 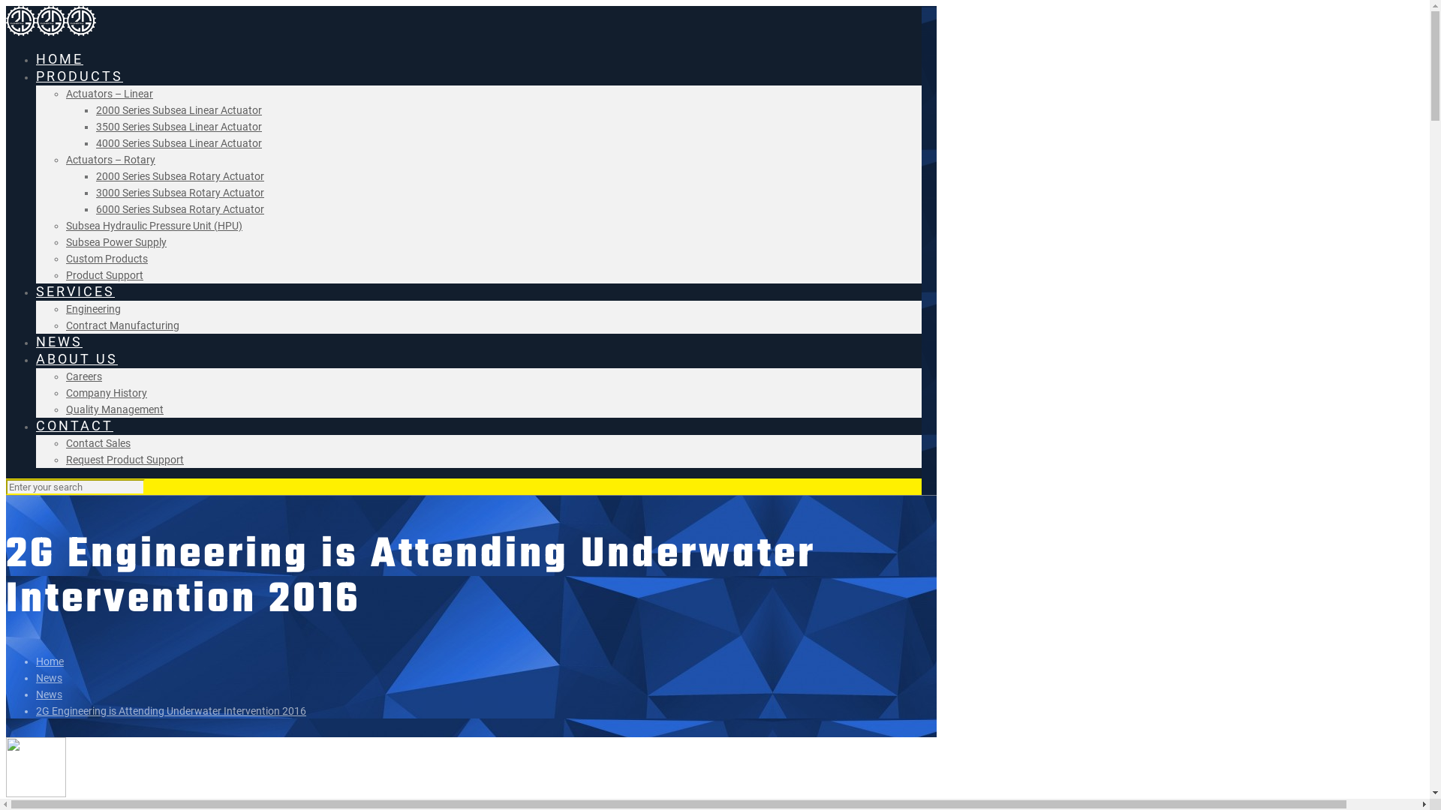 What do you see at coordinates (115, 241) in the screenshot?
I see `'Subsea Power Supply'` at bounding box center [115, 241].